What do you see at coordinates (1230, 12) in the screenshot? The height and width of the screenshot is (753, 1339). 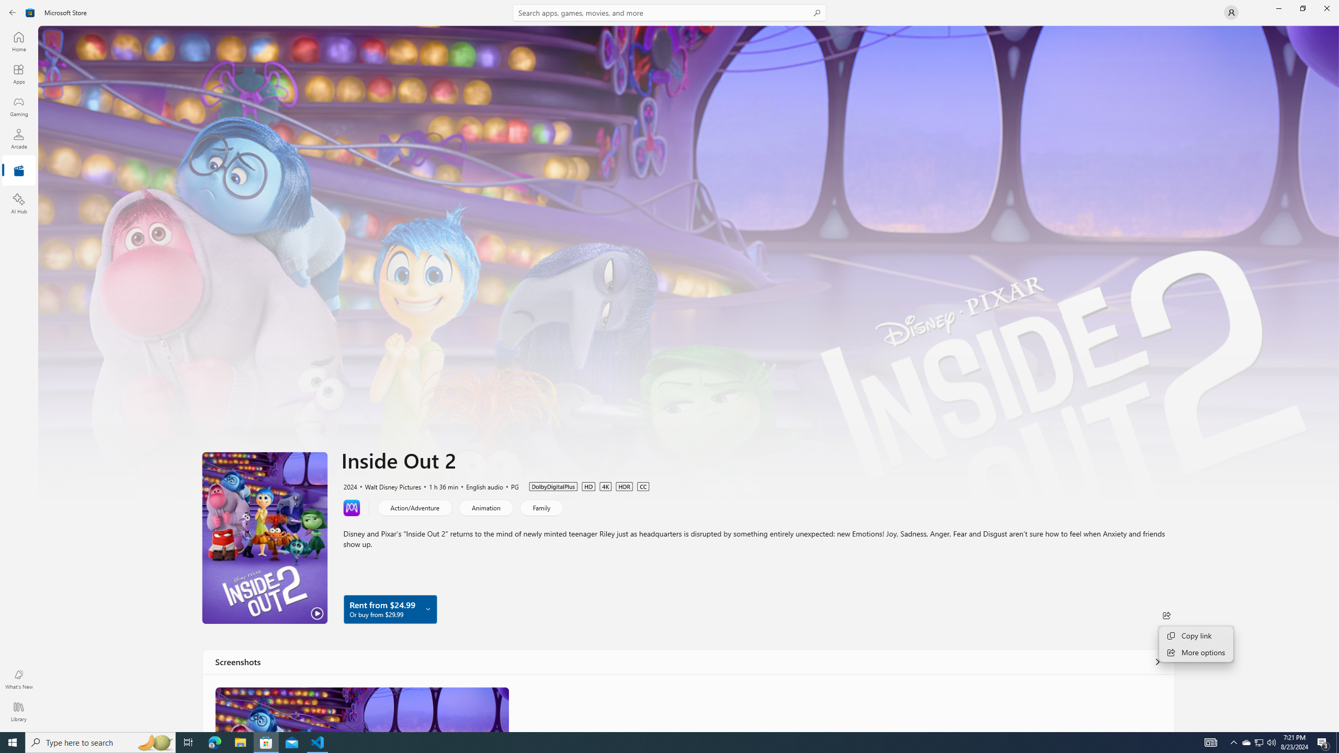 I see `'User profile'` at bounding box center [1230, 12].